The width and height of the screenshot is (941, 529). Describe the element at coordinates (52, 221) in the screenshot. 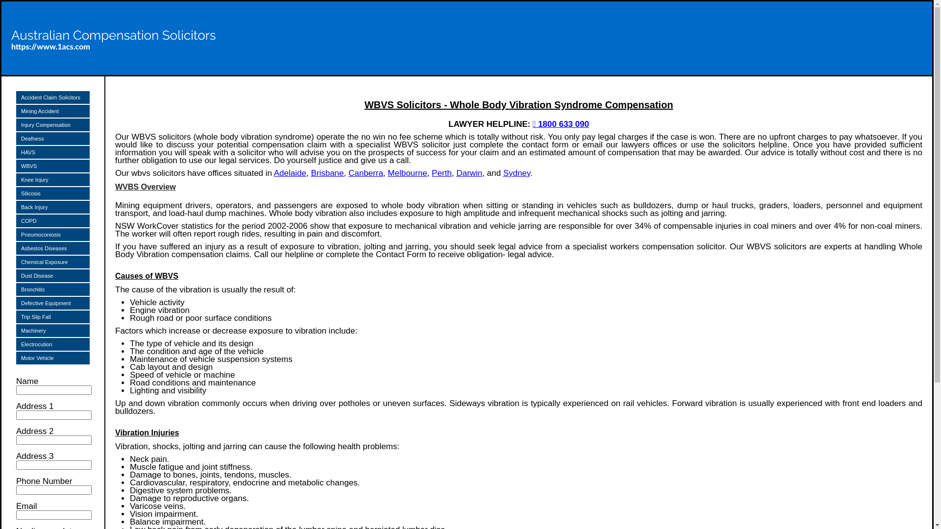

I see `'COPD'` at that location.